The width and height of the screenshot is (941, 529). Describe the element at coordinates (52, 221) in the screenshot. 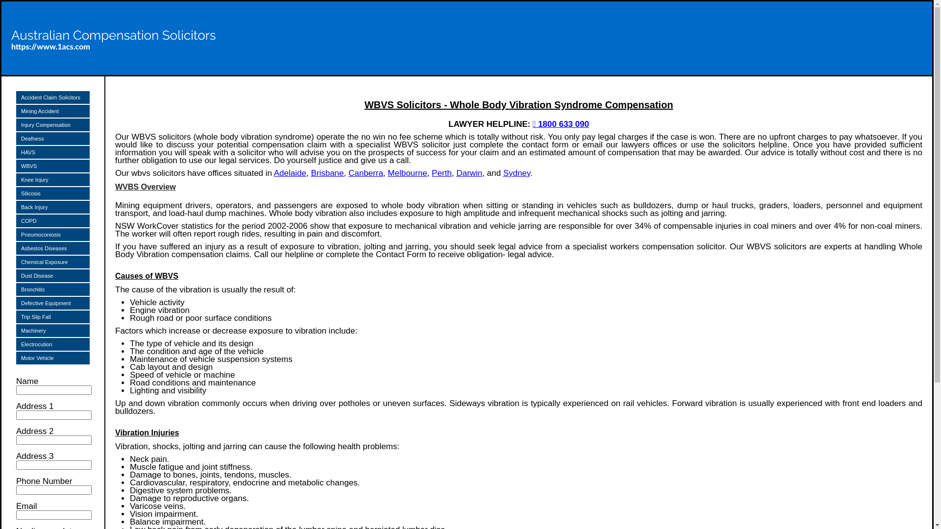

I see `'COPD'` at that location.